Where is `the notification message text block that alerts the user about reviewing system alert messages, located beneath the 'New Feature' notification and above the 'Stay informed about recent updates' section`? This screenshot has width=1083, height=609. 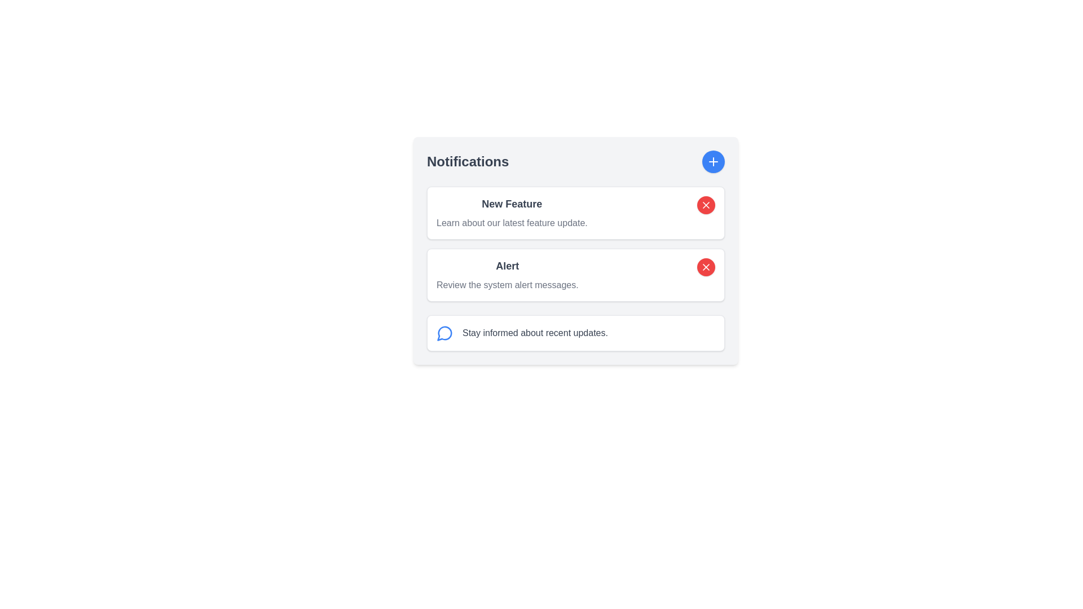 the notification message text block that alerts the user about reviewing system alert messages, located beneath the 'New Feature' notification and above the 'Stay informed about recent updates' section is located at coordinates (507, 275).